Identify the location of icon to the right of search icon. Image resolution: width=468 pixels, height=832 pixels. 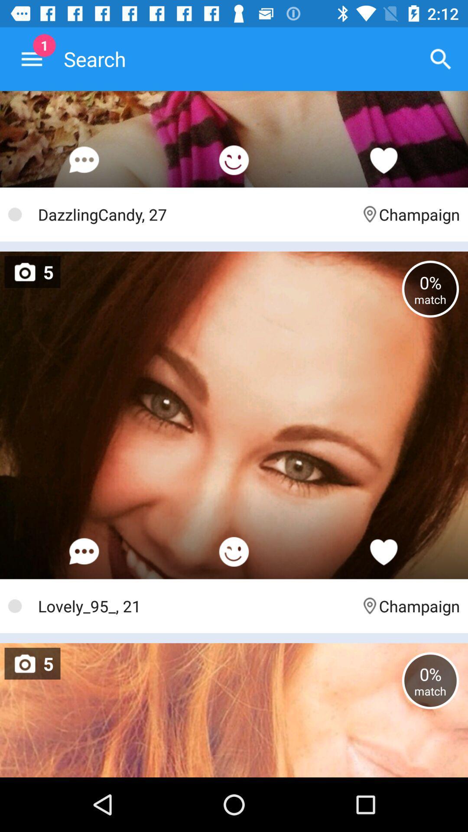
(441, 58).